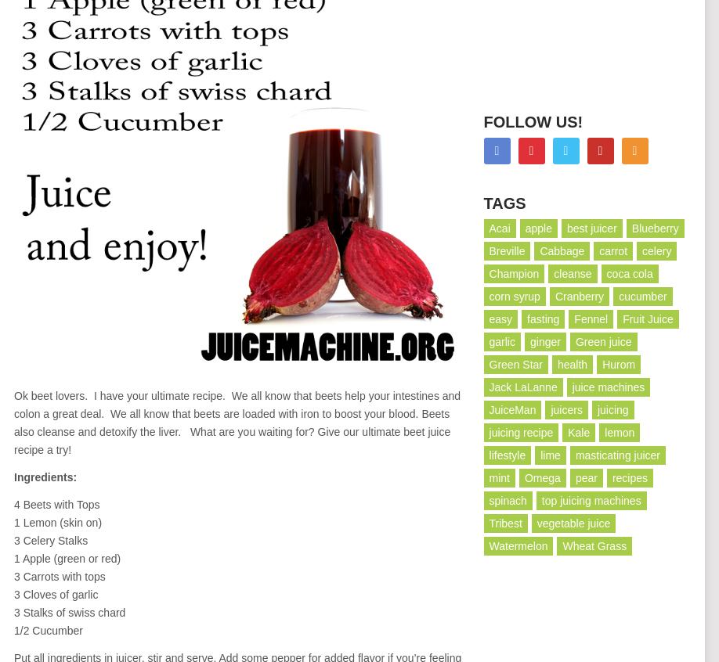  Describe the element at coordinates (48, 629) in the screenshot. I see `'1/2 Cucumber'` at that location.